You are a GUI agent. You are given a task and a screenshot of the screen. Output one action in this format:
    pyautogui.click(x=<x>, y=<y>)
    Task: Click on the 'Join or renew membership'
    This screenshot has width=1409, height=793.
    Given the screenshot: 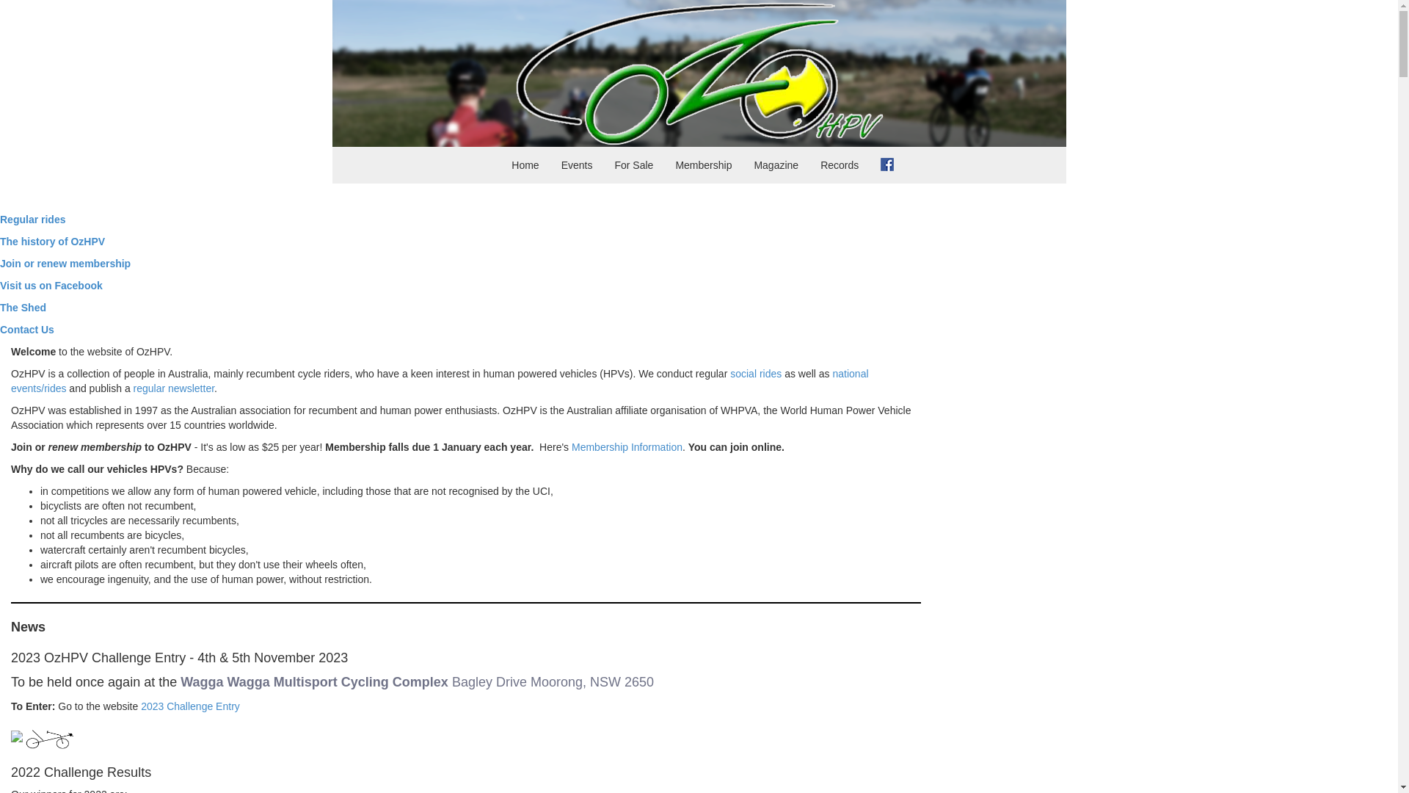 What is the action you would take?
    pyautogui.click(x=65, y=262)
    